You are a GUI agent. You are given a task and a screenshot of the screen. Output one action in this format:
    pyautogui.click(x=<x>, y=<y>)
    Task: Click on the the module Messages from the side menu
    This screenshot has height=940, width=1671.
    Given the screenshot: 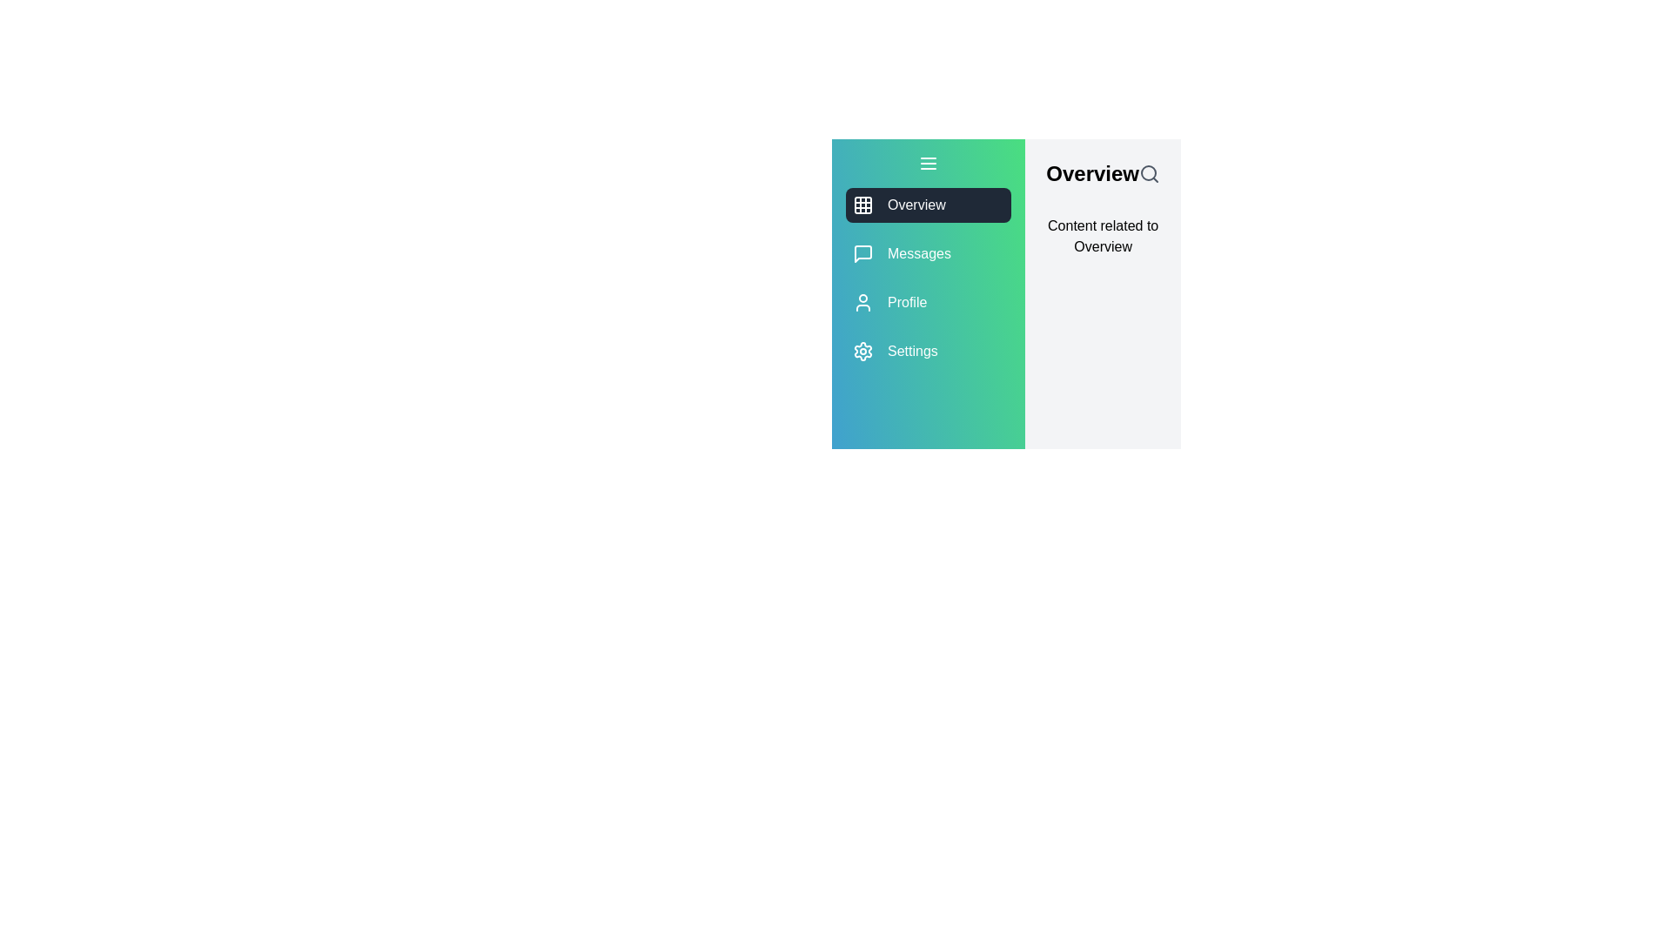 What is the action you would take?
    pyautogui.click(x=927, y=254)
    